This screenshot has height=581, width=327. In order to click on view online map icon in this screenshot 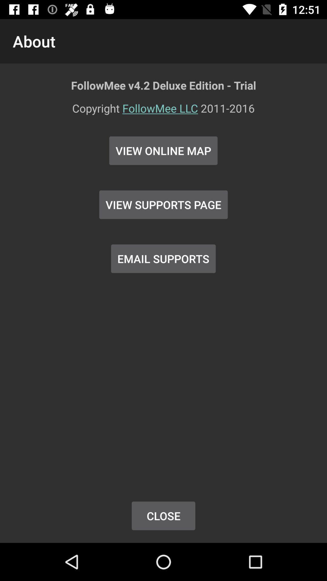, I will do `click(163, 151)`.